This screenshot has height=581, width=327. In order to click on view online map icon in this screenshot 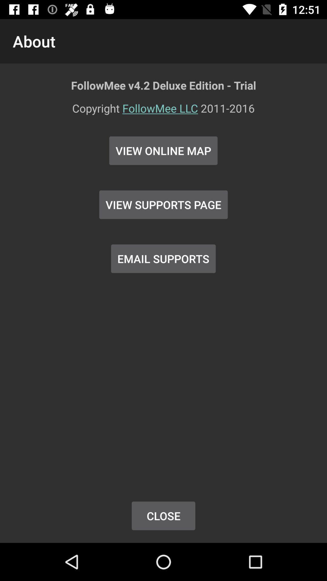, I will do `click(163, 151)`.